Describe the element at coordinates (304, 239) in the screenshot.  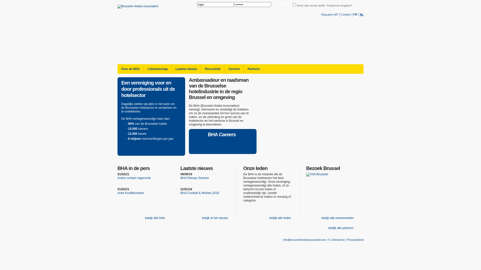
I see `'info@brusselshotelsassociation.be'` at that location.